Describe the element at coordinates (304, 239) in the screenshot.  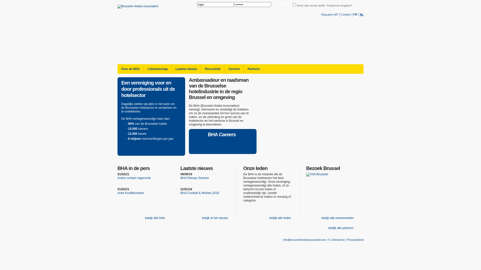
I see `'info@brusselshotelsassociation.be'` at that location.